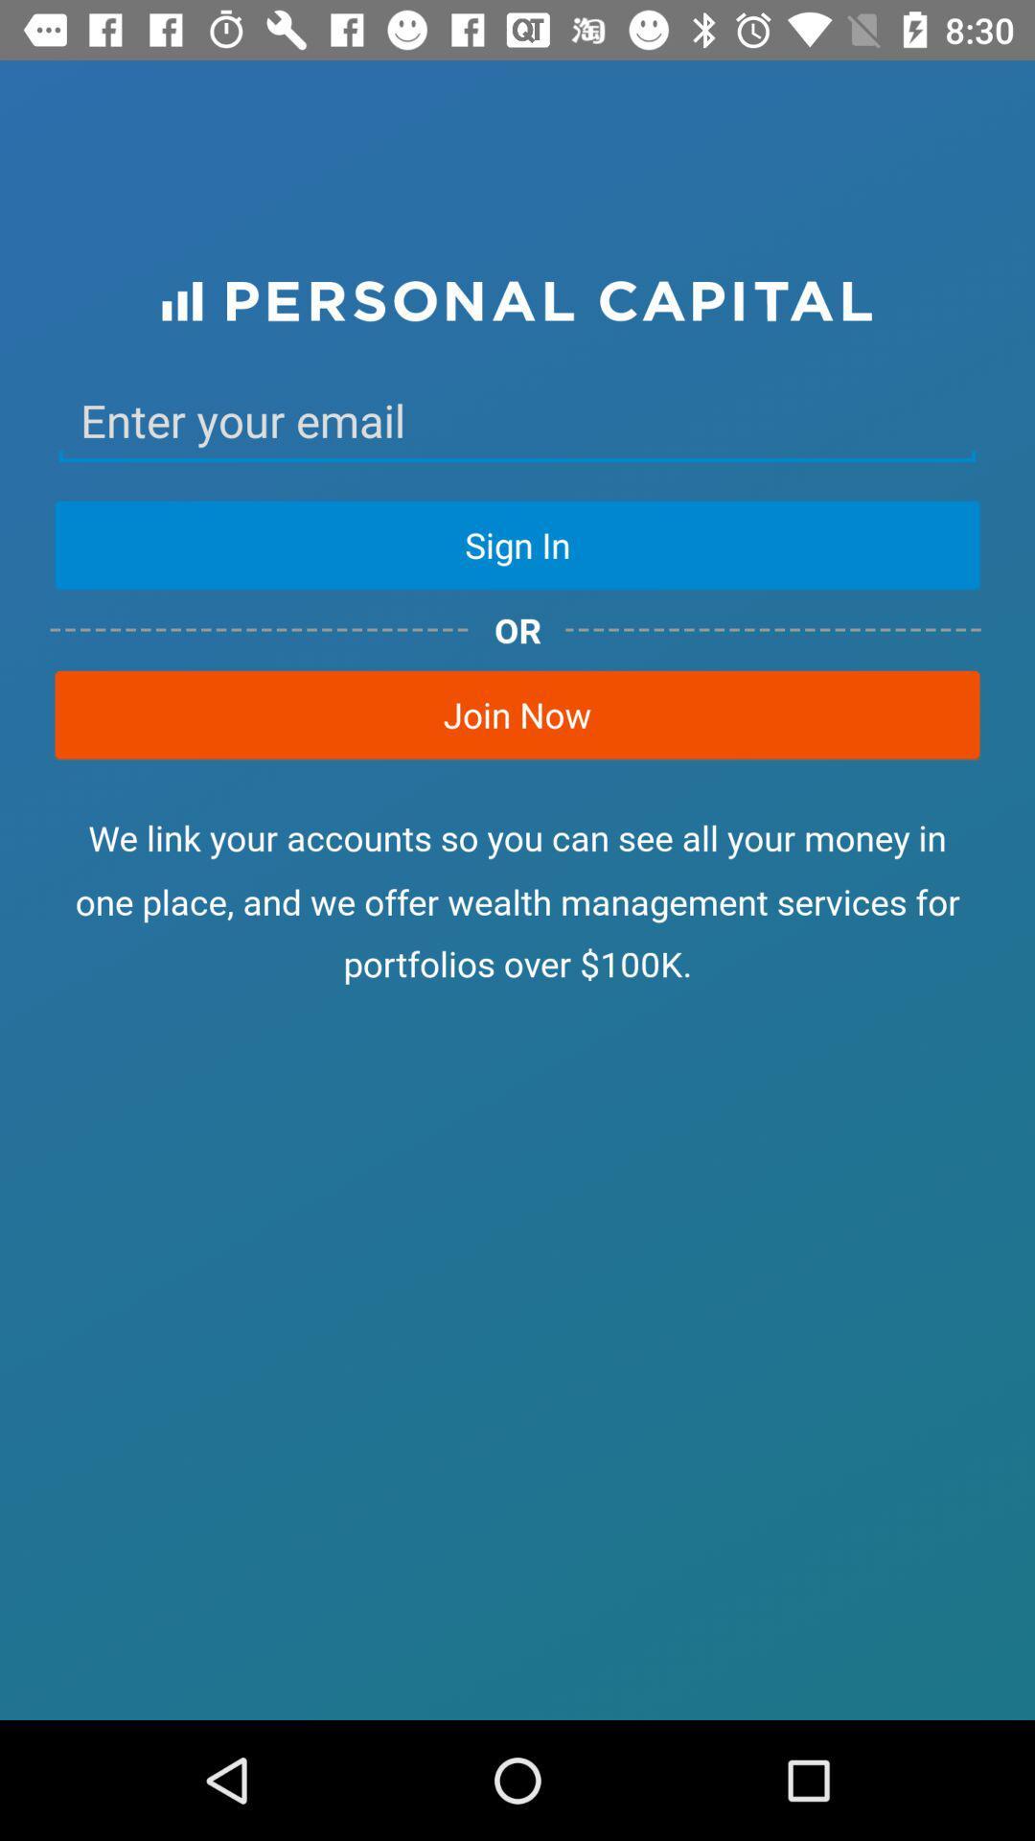 The height and width of the screenshot is (1841, 1035). What do you see at coordinates (517, 544) in the screenshot?
I see `the icon above or` at bounding box center [517, 544].